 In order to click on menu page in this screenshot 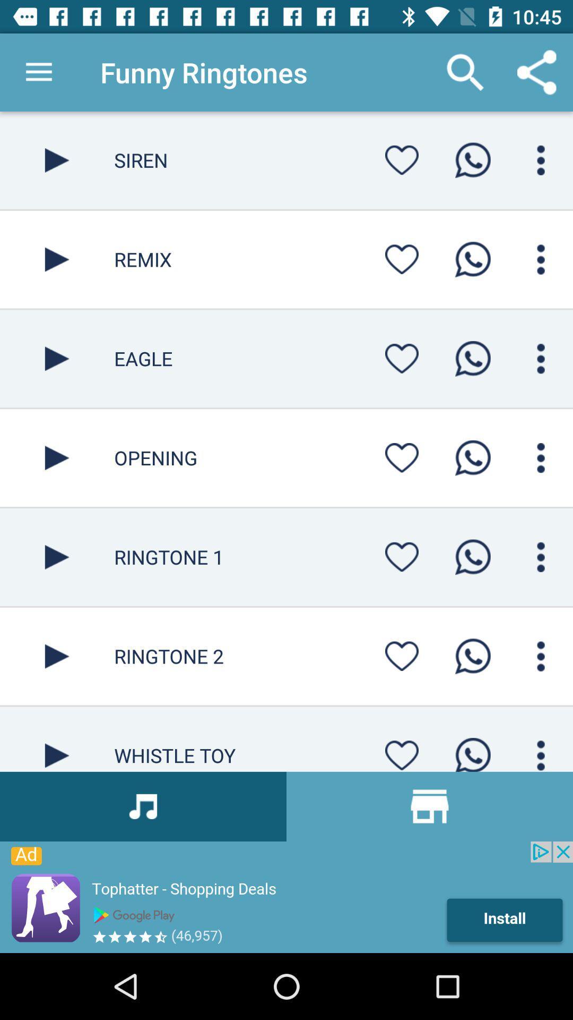, I will do `click(541, 159)`.